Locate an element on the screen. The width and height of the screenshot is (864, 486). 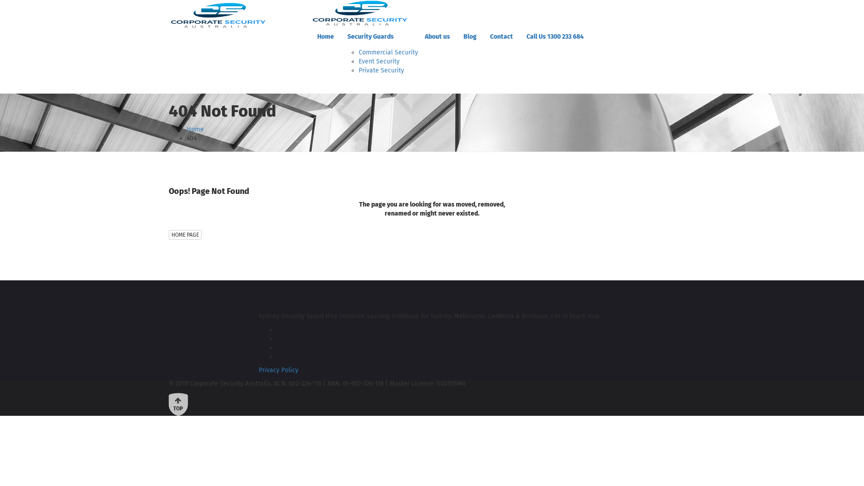
'Event Security' is located at coordinates (358, 61).